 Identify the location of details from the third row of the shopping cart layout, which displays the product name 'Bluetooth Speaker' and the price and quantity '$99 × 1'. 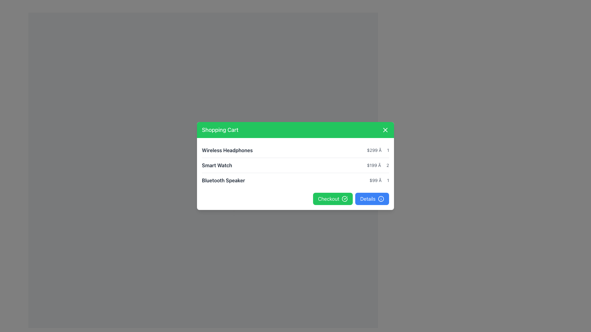
(295, 180).